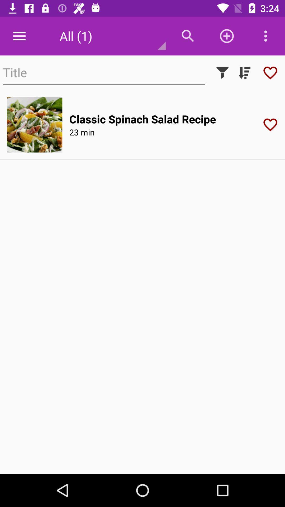 The image size is (285, 507). What do you see at coordinates (270, 72) in the screenshot?
I see `show the recipe you liked` at bounding box center [270, 72].